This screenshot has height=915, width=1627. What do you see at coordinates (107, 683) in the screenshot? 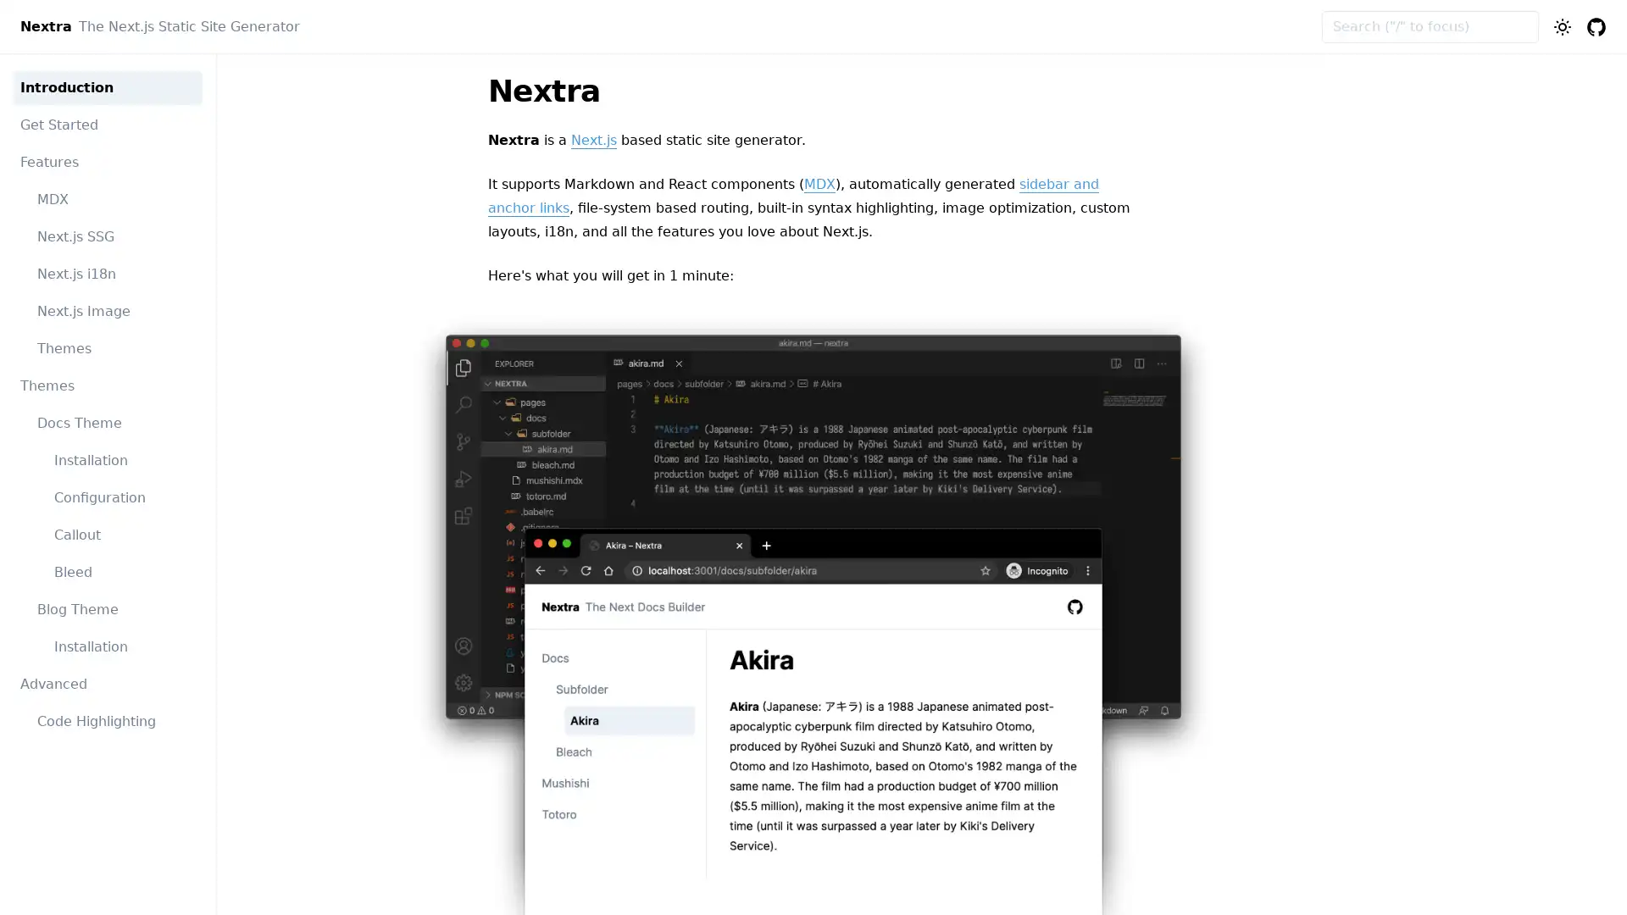
I see `Advanced` at bounding box center [107, 683].